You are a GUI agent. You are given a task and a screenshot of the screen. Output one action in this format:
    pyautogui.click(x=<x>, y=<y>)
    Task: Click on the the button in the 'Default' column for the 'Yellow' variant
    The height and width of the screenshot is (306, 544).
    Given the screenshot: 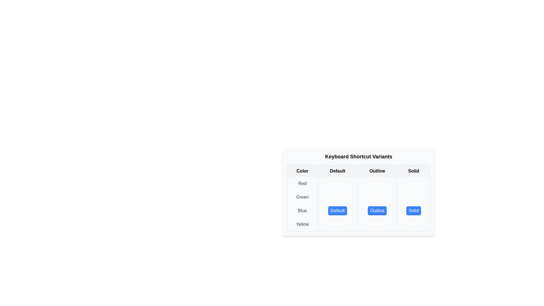 What is the action you would take?
    pyautogui.click(x=337, y=224)
    